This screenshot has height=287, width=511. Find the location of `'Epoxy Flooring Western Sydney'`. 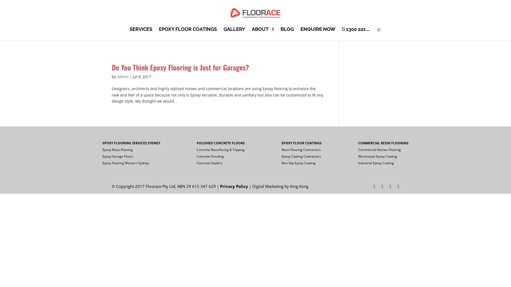

'Epoxy Flooring Western Sydney' is located at coordinates (125, 163).